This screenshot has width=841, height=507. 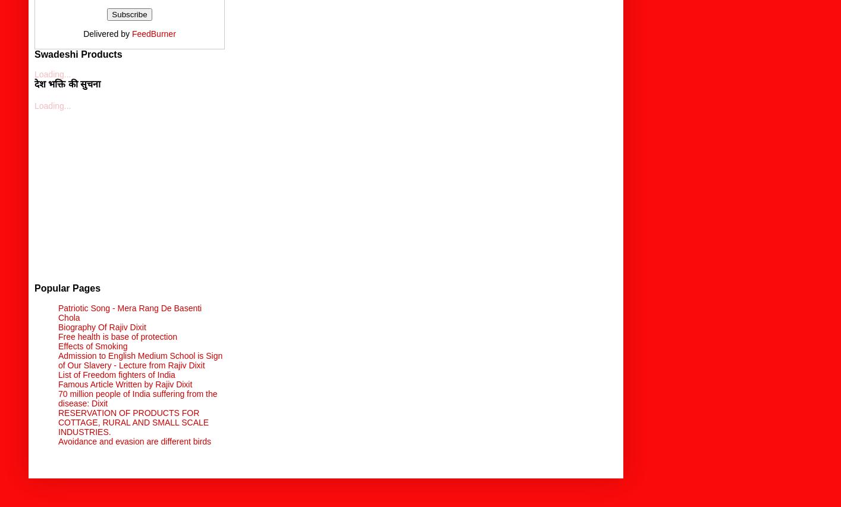 What do you see at coordinates (124, 383) in the screenshot?
I see `'Famous Article Written by Rajiv Dixit'` at bounding box center [124, 383].